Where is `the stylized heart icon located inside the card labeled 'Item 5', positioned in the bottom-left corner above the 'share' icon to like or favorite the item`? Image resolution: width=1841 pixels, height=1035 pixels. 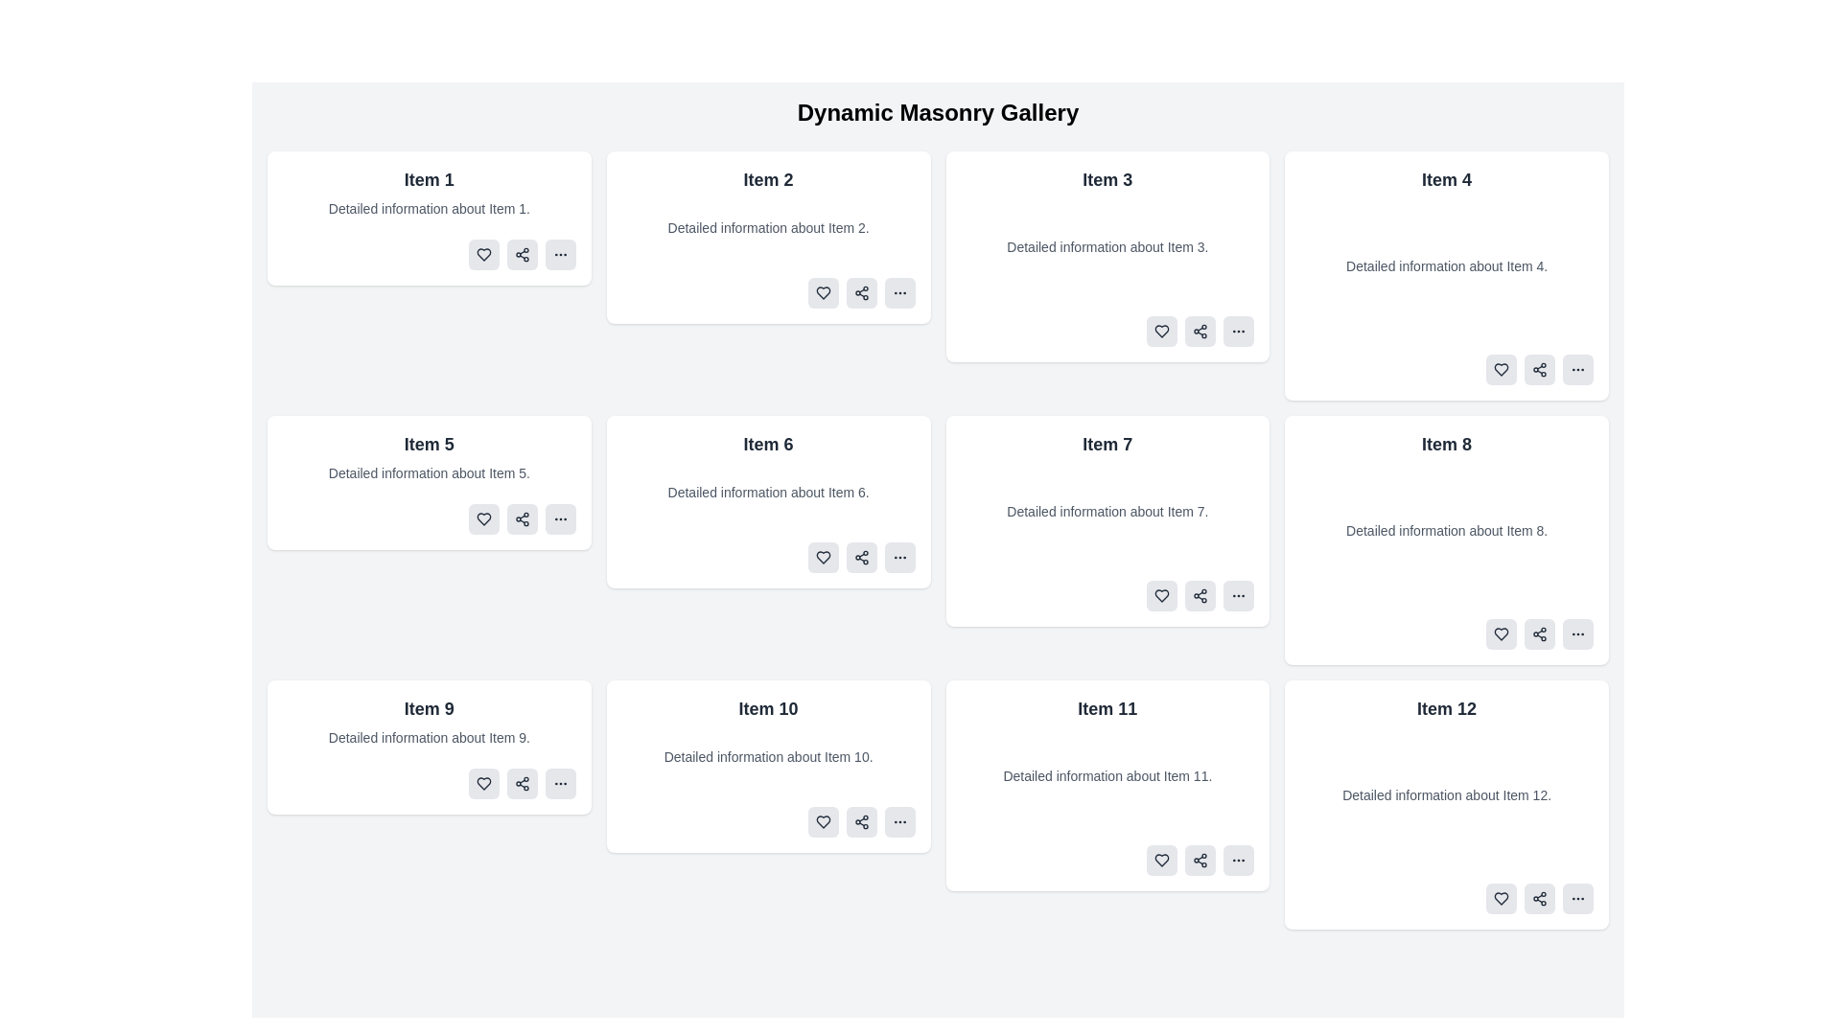 the stylized heart icon located inside the card labeled 'Item 5', positioned in the bottom-left corner above the 'share' icon to like or favorite the item is located at coordinates (483, 519).